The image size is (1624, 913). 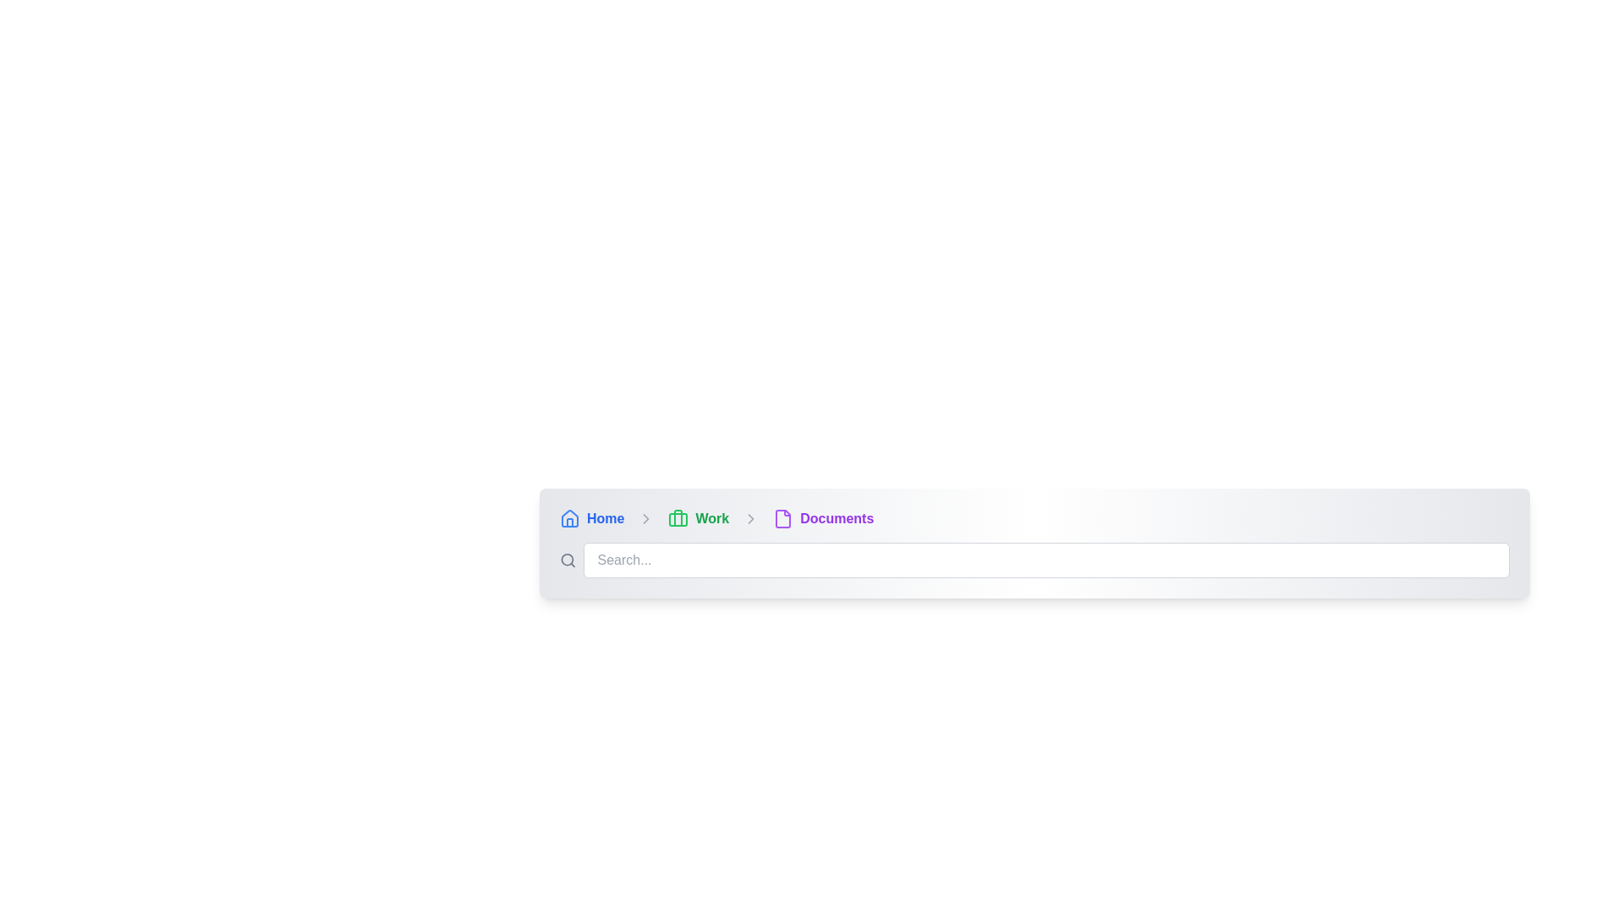 What do you see at coordinates (569, 517) in the screenshot?
I see `the home icon located on the far left of the breadcrumb navigation bar` at bounding box center [569, 517].